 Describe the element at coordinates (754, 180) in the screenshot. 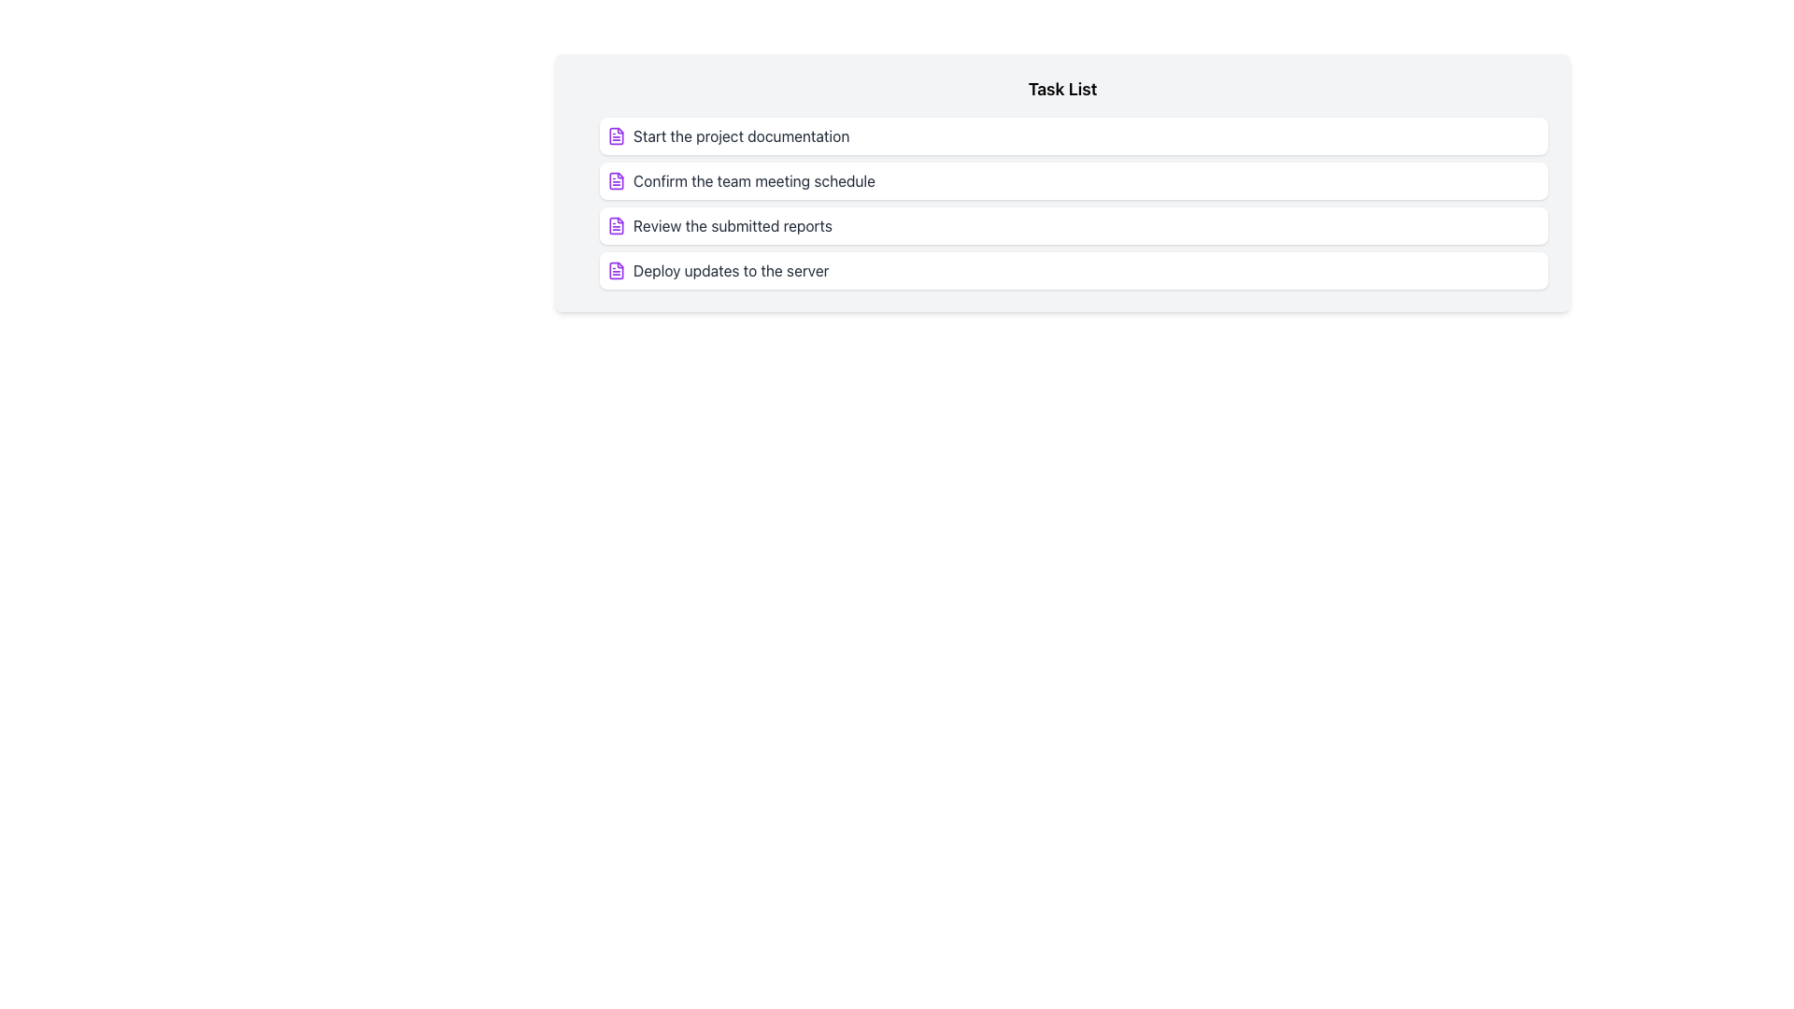

I see `the text label displaying 'Confirm the team meeting schedule', which is styled in dark gray within a card-like structure, located in the task list` at that location.